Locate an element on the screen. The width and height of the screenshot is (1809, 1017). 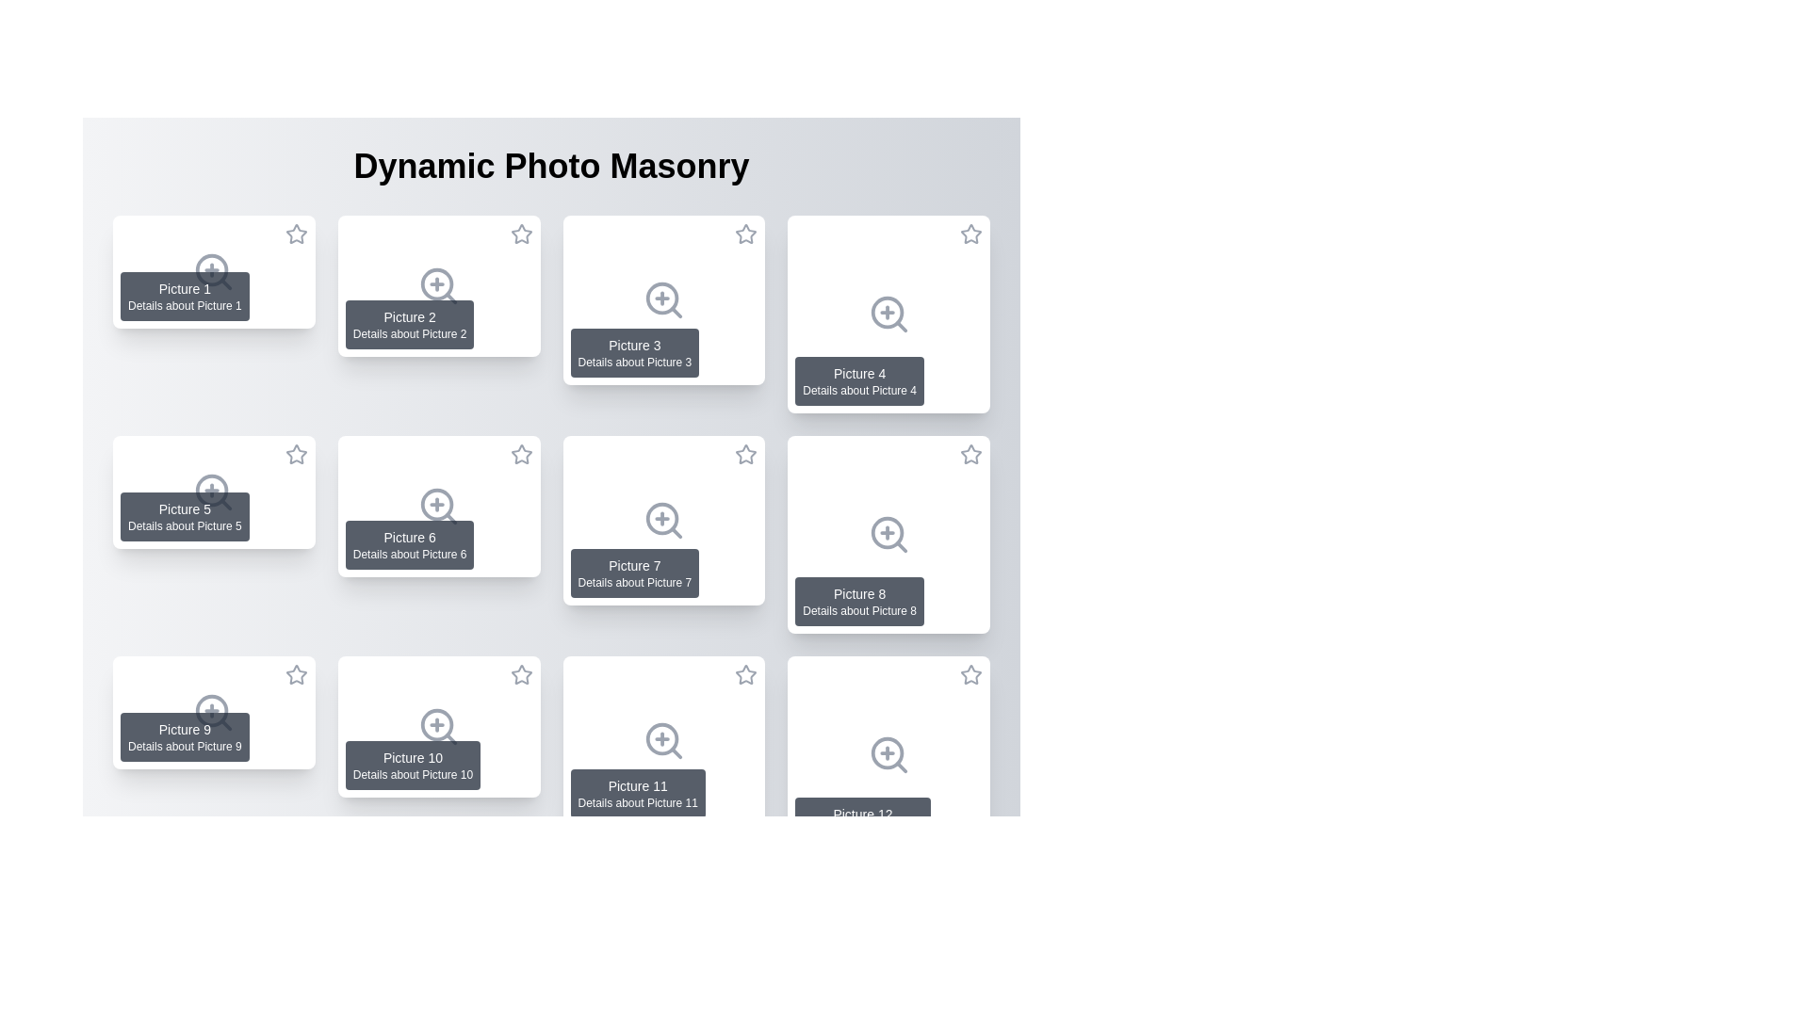
the star button in the top-right corner of the 'Picture 2' card is located at coordinates (521, 234).